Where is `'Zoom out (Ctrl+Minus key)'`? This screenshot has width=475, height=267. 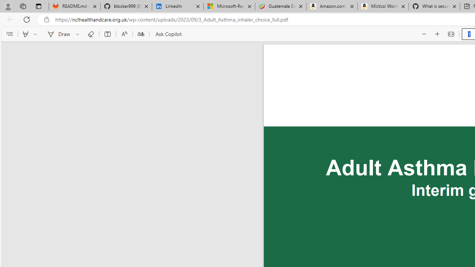 'Zoom out (Ctrl+Minus key)' is located at coordinates (424, 34).